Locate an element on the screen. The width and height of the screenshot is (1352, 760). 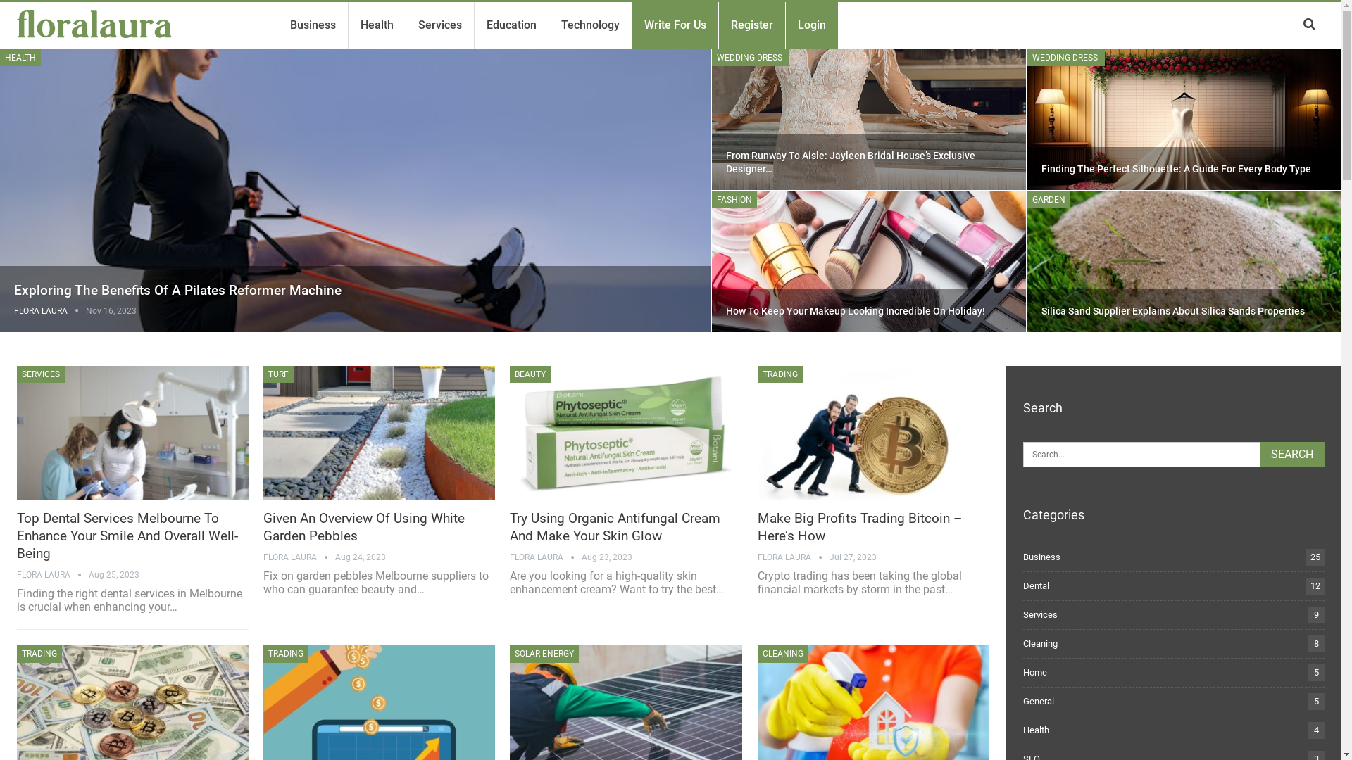
'Exploring The Benefits Of A Pilates Reformer Machine' is located at coordinates (177, 289).